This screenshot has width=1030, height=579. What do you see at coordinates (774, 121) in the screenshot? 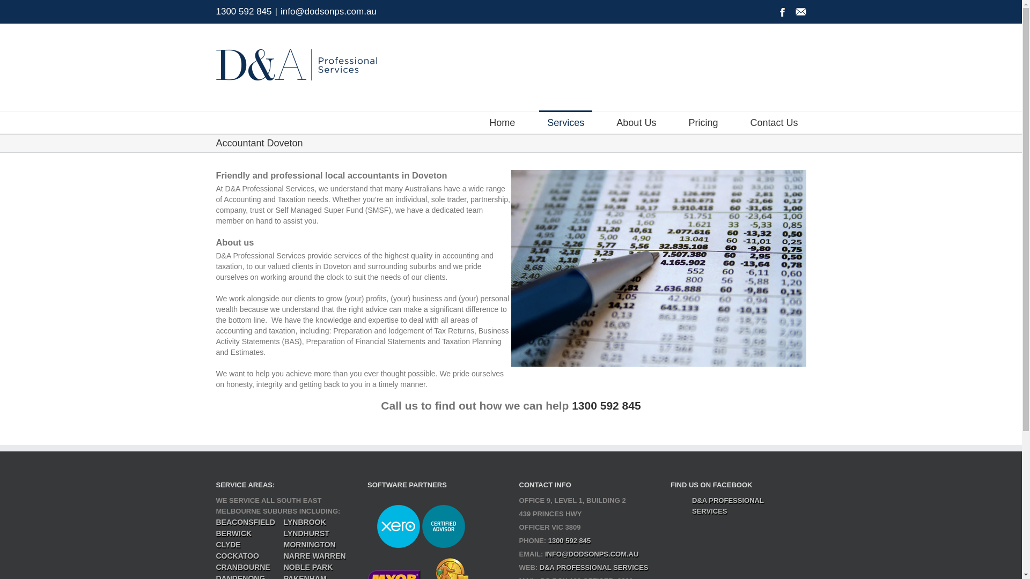
I see `'Contact Us'` at bounding box center [774, 121].